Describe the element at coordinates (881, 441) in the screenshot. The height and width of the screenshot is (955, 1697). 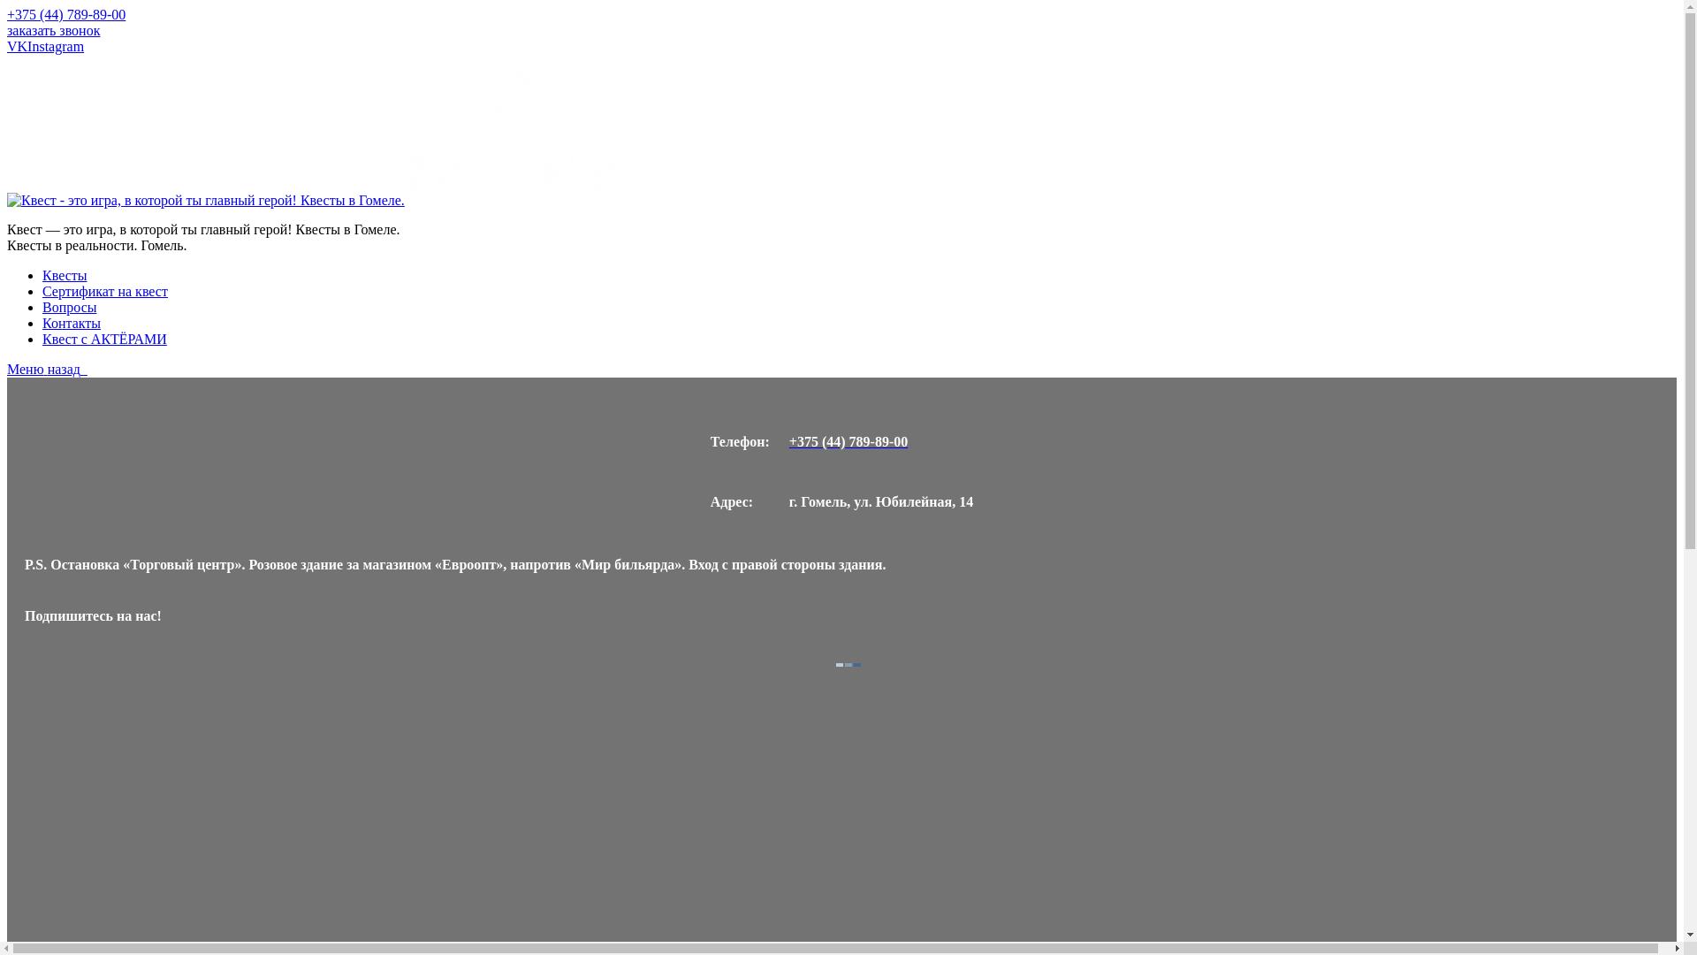
I see `'+375 (44) 789-89-00'` at that location.